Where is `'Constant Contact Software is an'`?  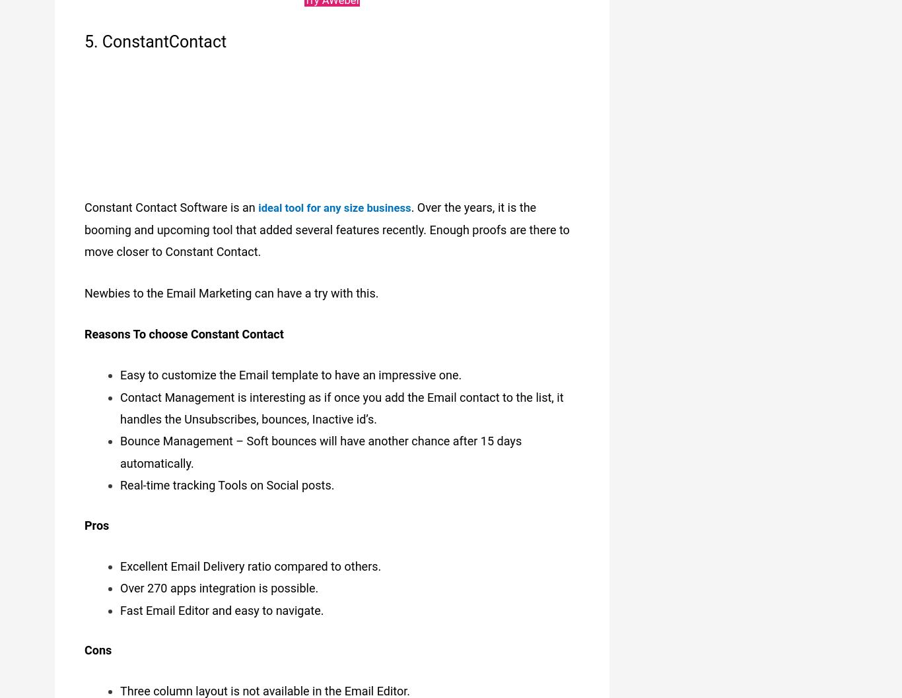 'Constant Contact Software is an' is located at coordinates (171, 200).